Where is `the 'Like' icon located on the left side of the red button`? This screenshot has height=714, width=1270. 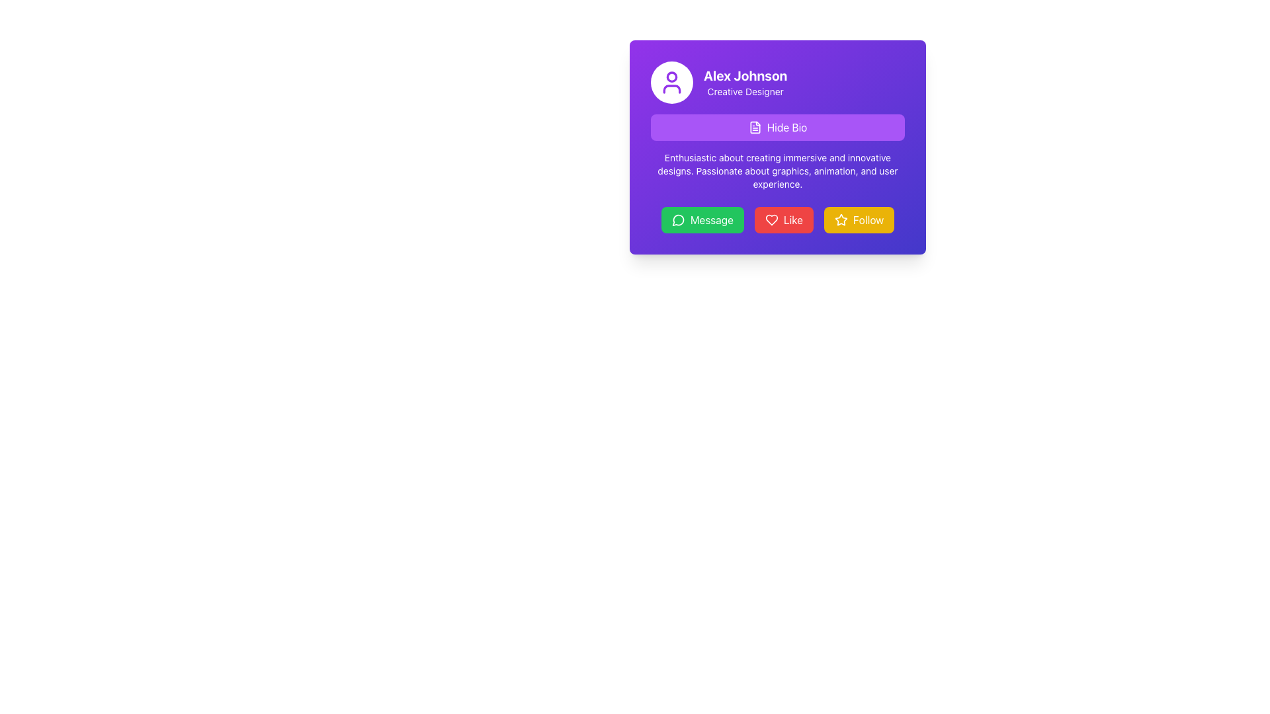
the 'Like' icon located on the left side of the red button is located at coordinates (771, 219).